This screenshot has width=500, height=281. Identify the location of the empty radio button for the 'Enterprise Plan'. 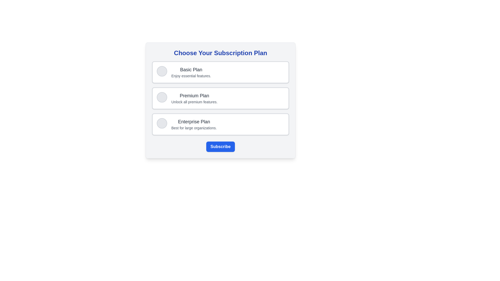
(162, 123).